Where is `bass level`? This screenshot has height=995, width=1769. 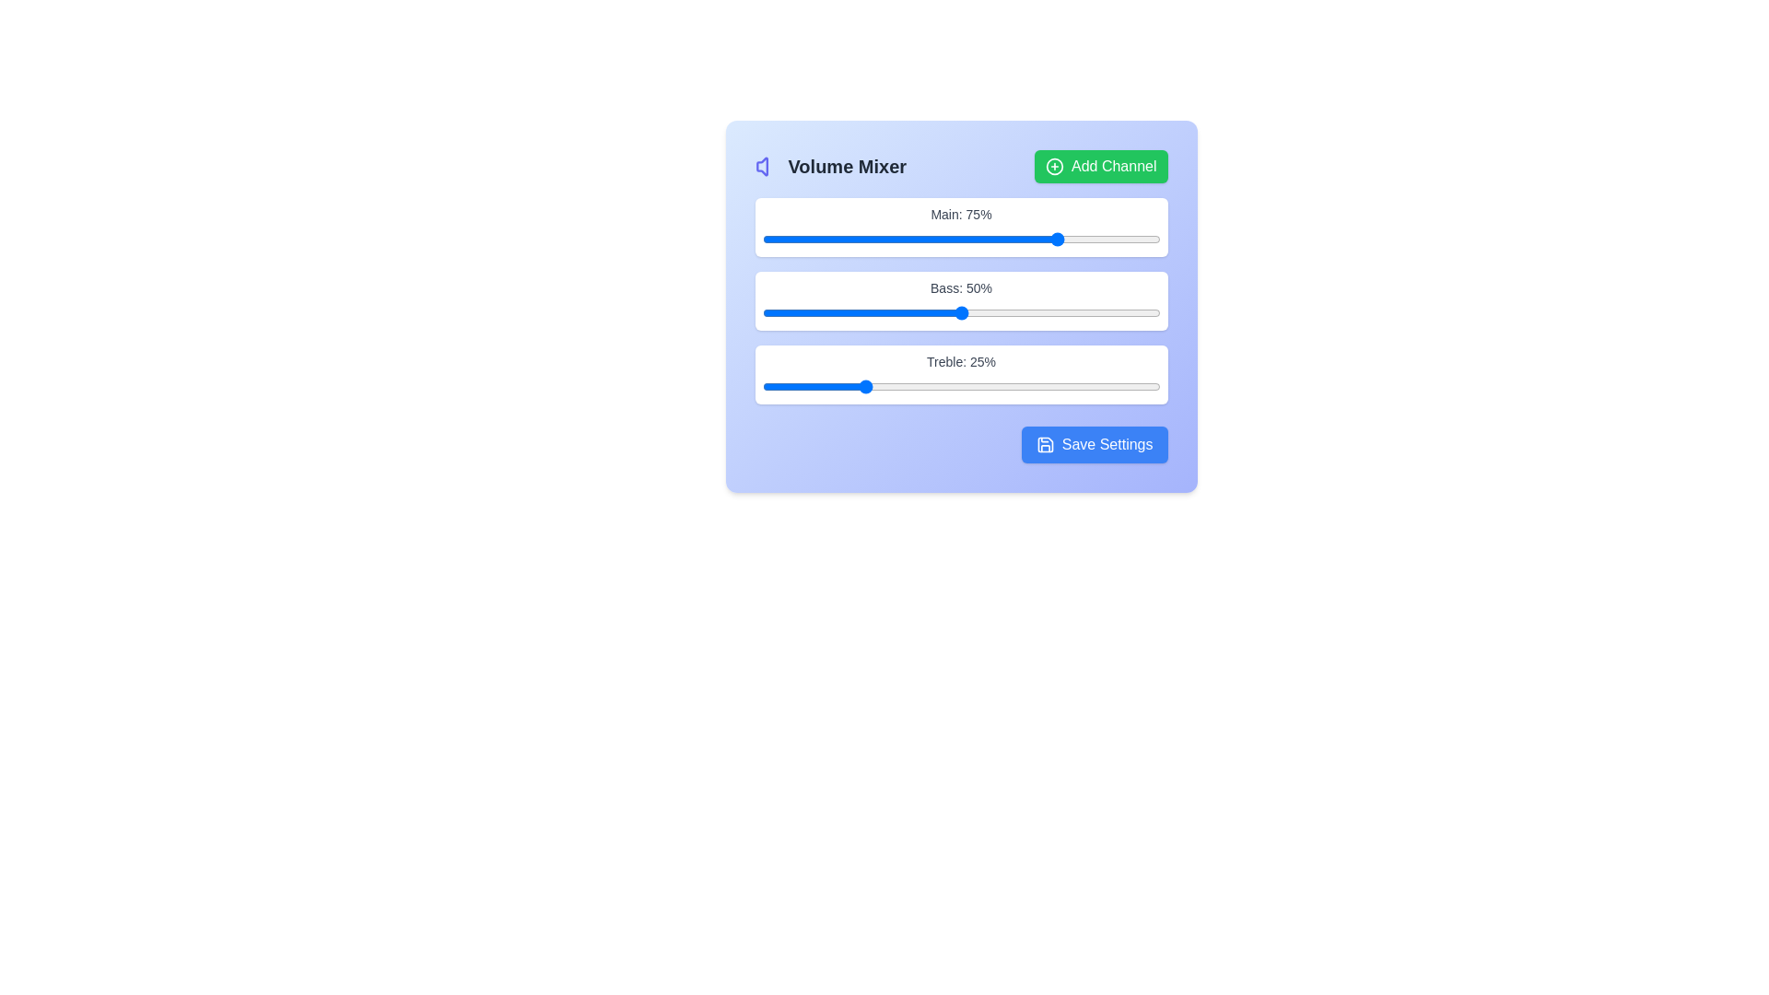 bass level is located at coordinates (864, 311).